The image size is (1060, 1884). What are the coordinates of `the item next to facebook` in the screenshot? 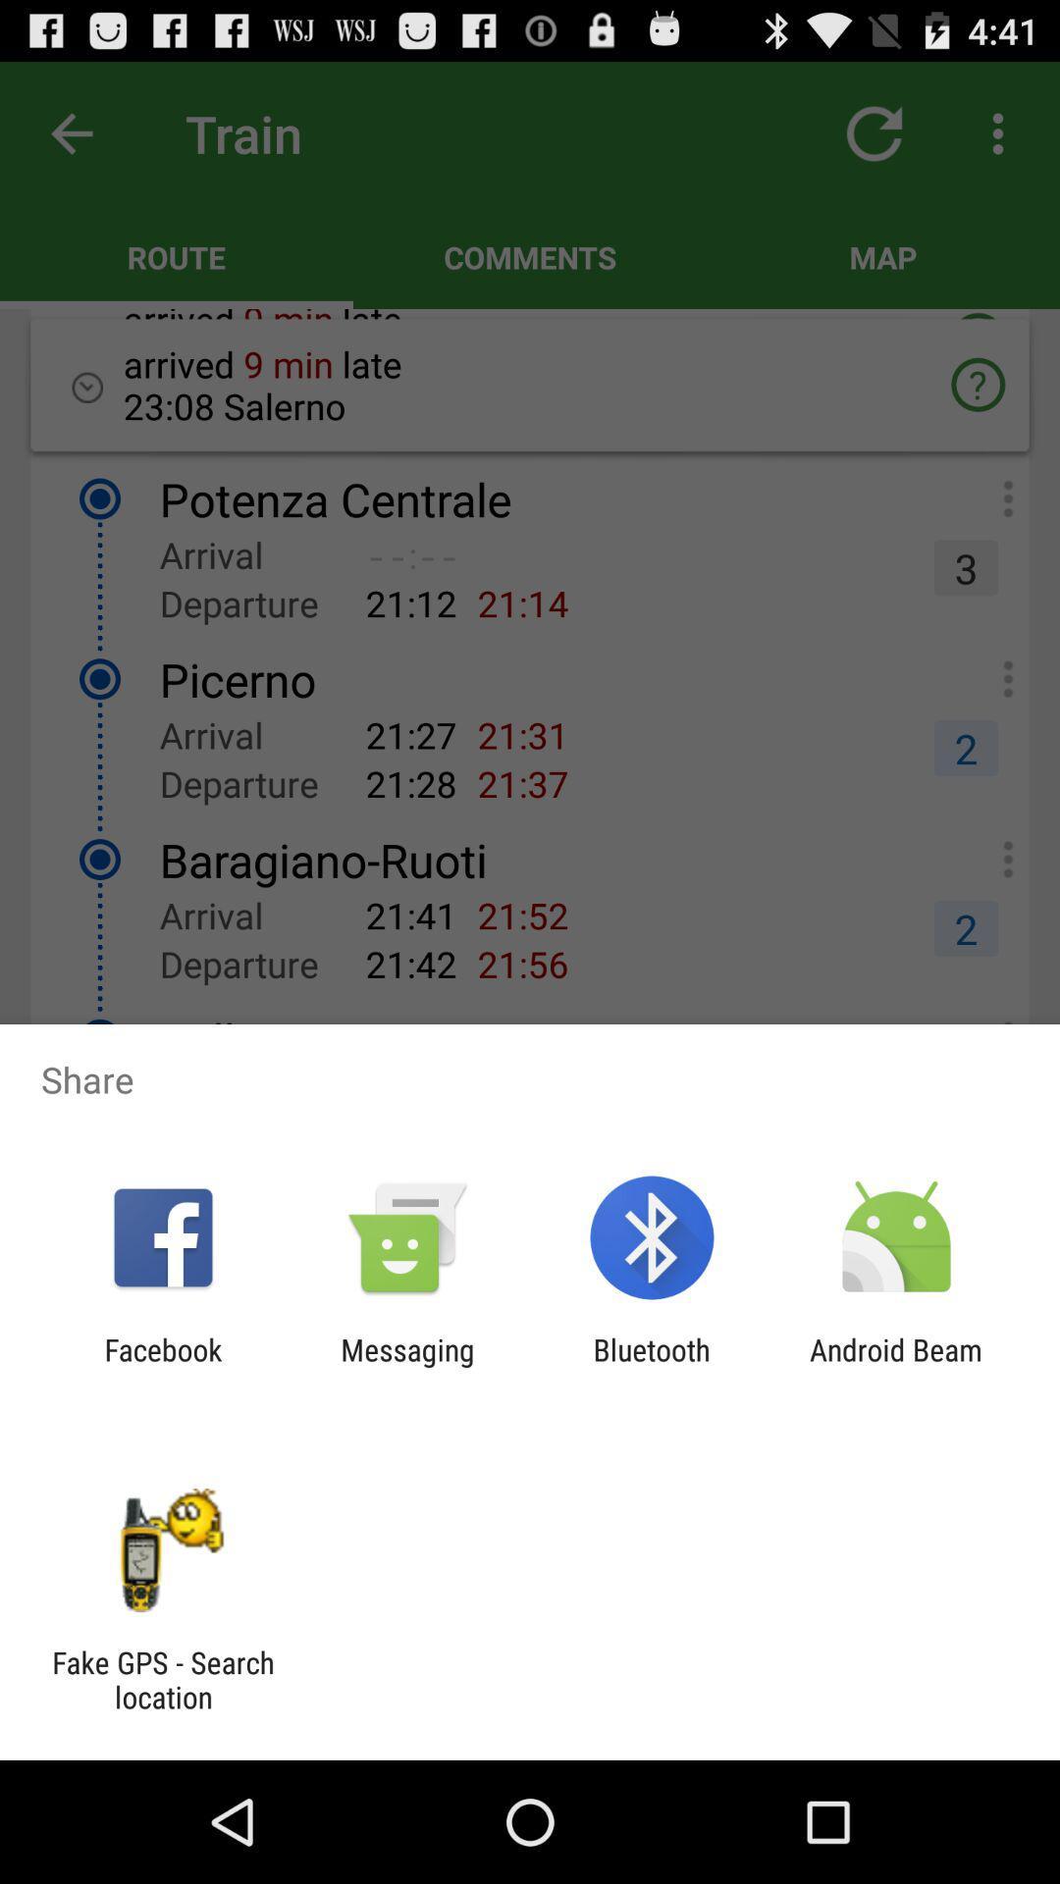 It's located at (406, 1366).